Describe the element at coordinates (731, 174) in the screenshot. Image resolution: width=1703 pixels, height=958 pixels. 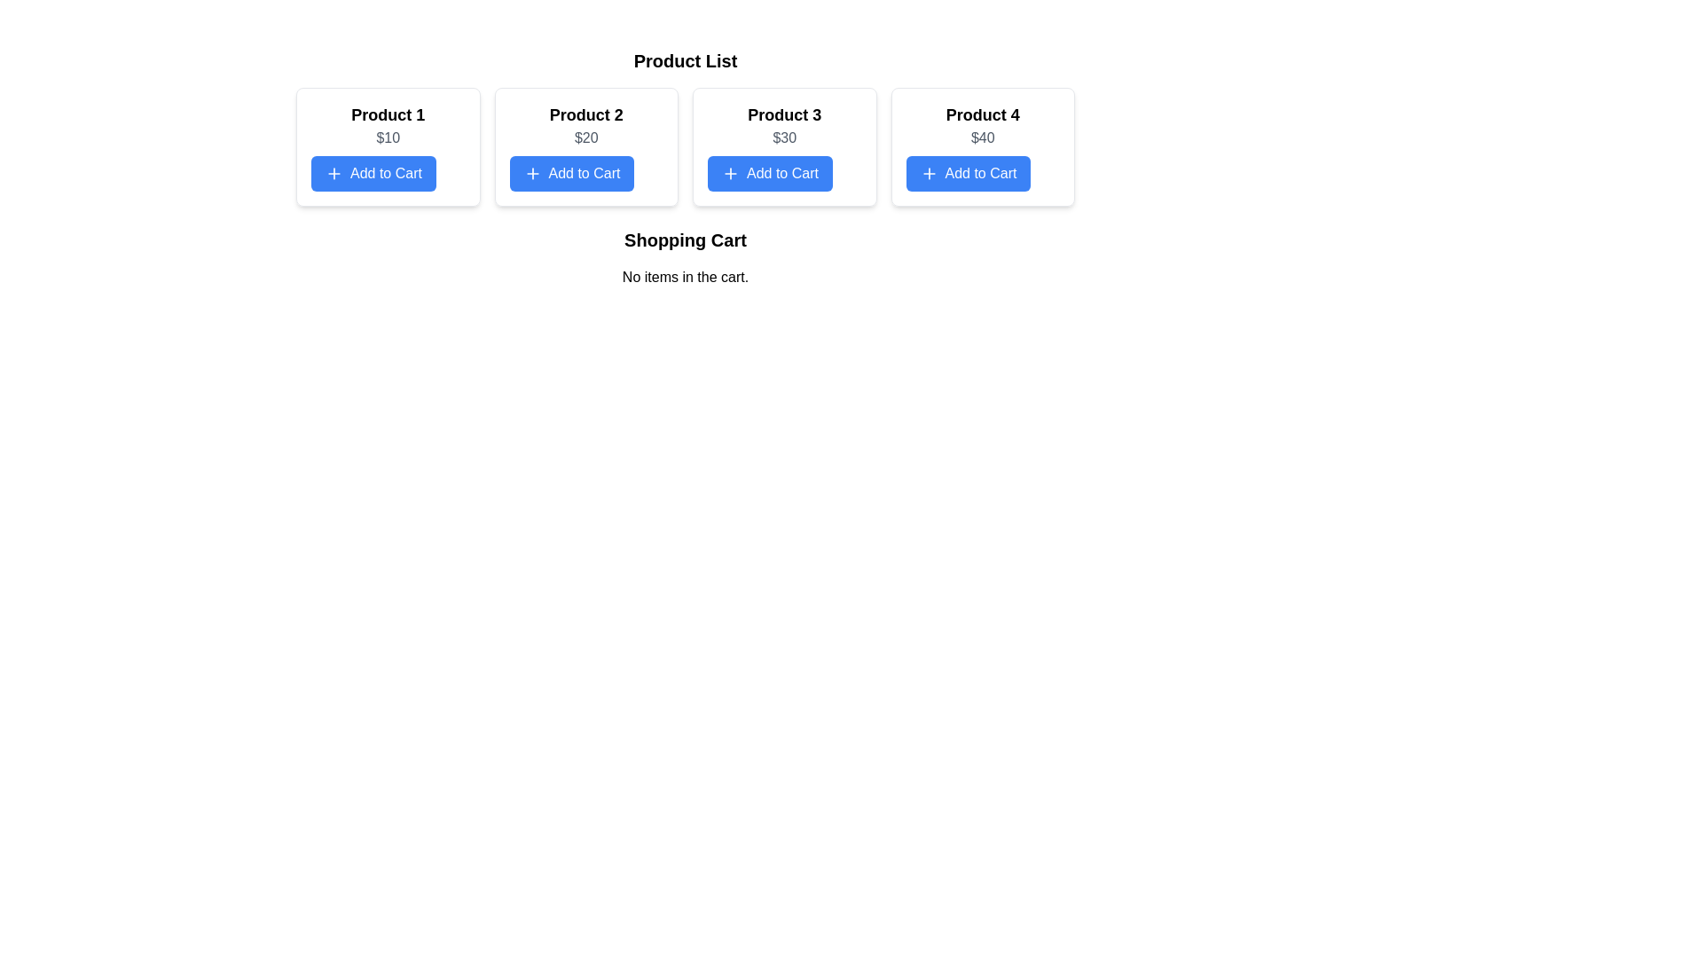
I see `the 'Add to Cart' button for 'Product 3', which features a prominent plus icon on the left side, to receive additional visual feedback` at that location.